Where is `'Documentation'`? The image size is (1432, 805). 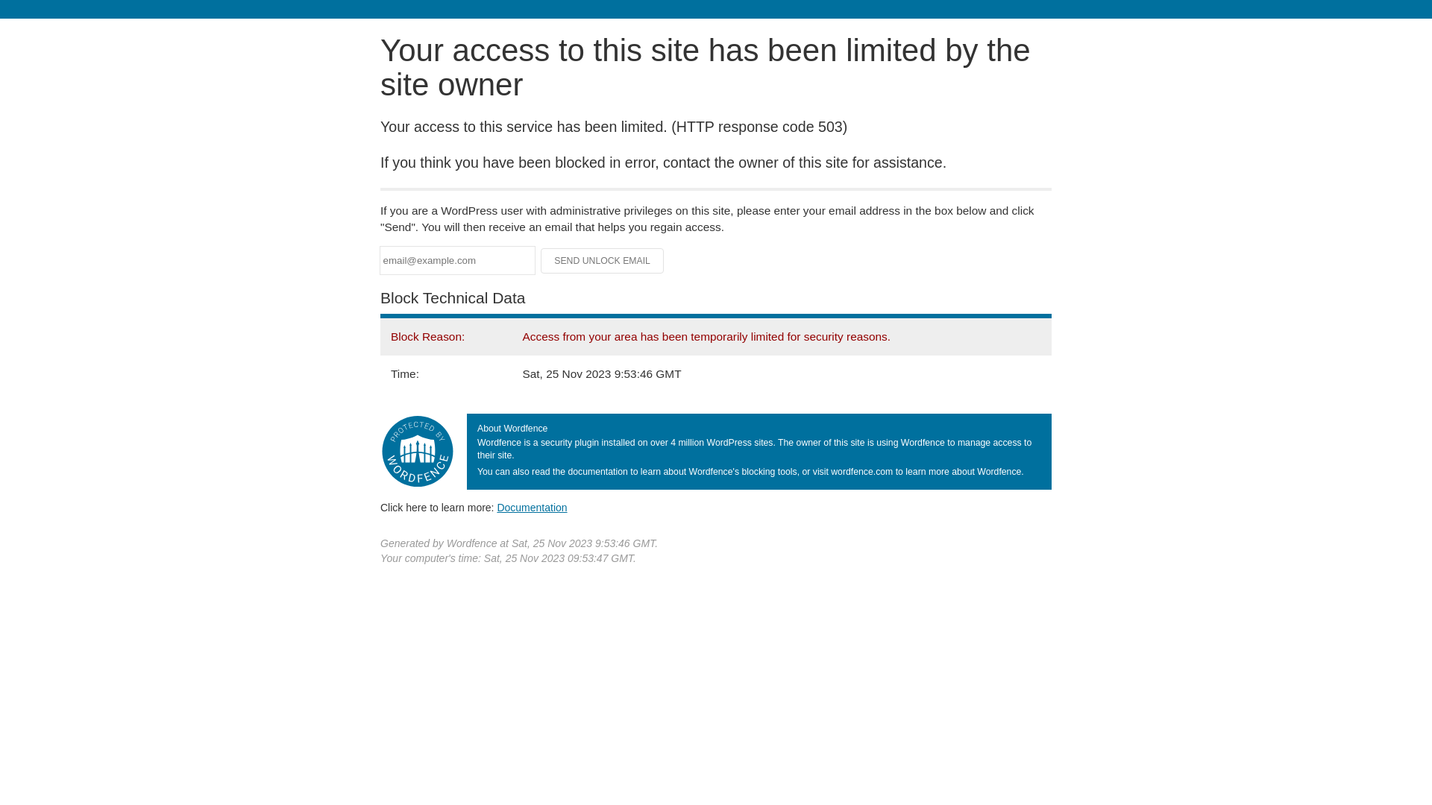
'Documentation' is located at coordinates (497, 507).